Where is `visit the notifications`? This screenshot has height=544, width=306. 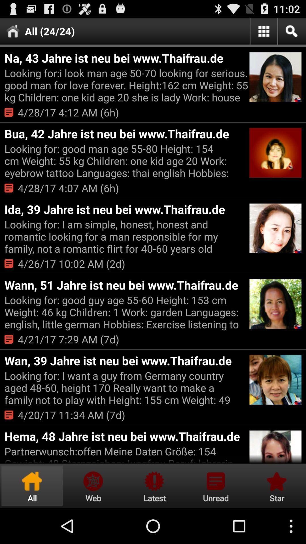 visit the notifications is located at coordinates (216, 485).